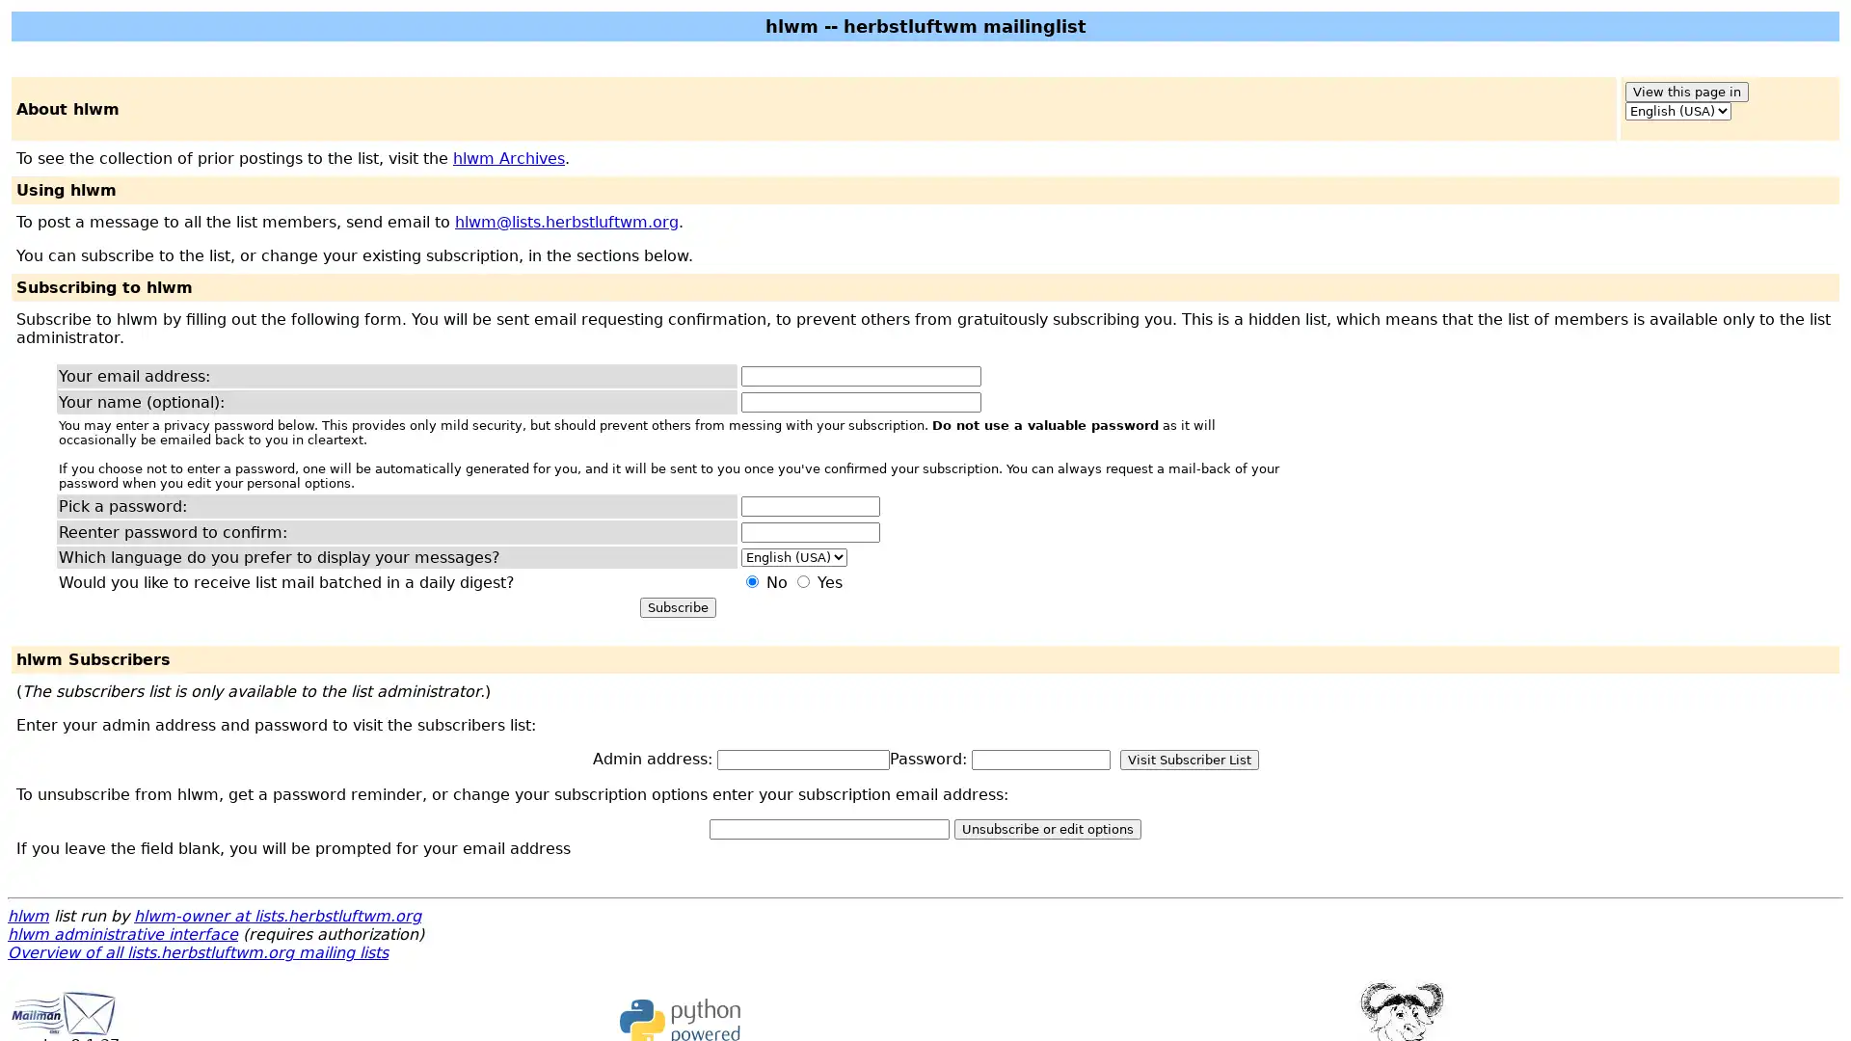 The height and width of the screenshot is (1041, 1851). What do you see at coordinates (677, 607) in the screenshot?
I see `Subscribe` at bounding box center [677, 607].